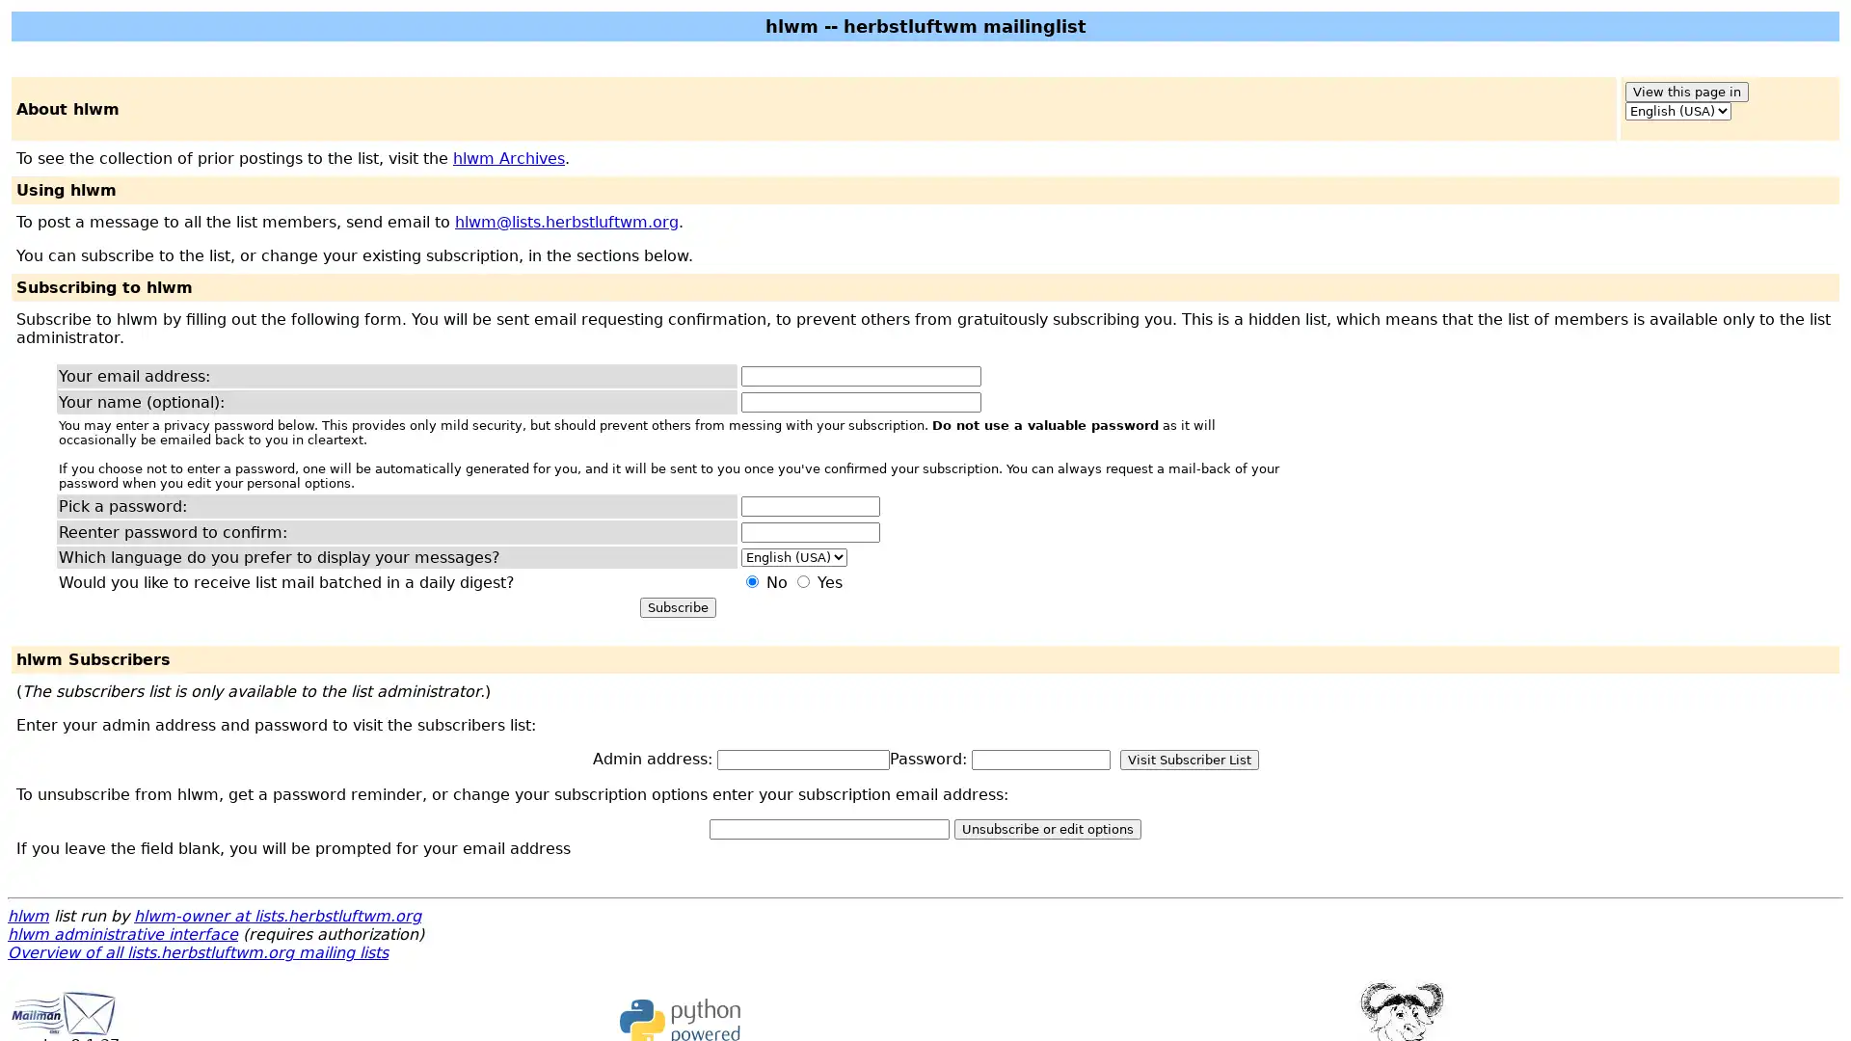 The height and width of the screenshot is (1041, 1851). What do you see at coordinates (677, 607) in the screenshot?
I see `Subscribe` at bounding box center [677, 607].